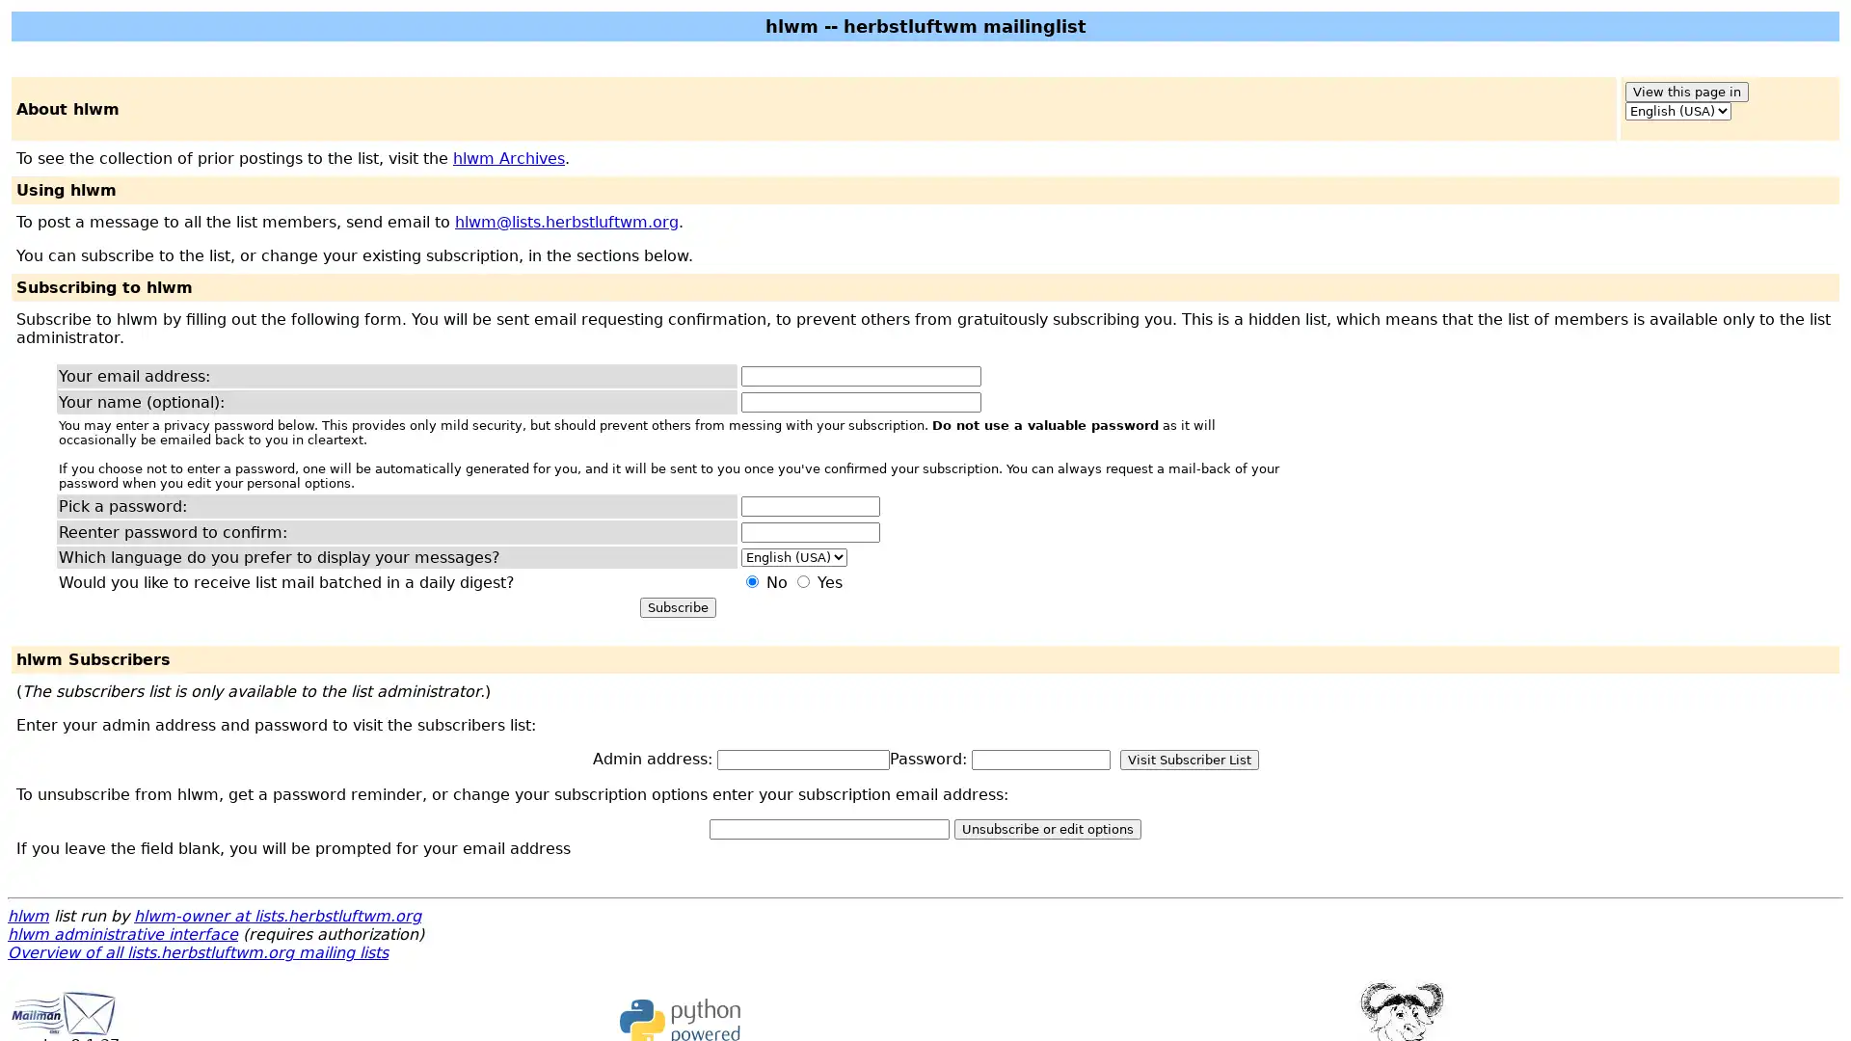 The height and width of the screenshot is (1041, 1851). What do you see at coordinates (677, 607) in the screenshot?
I see `Subscribe` at bounding box center [677, 607].